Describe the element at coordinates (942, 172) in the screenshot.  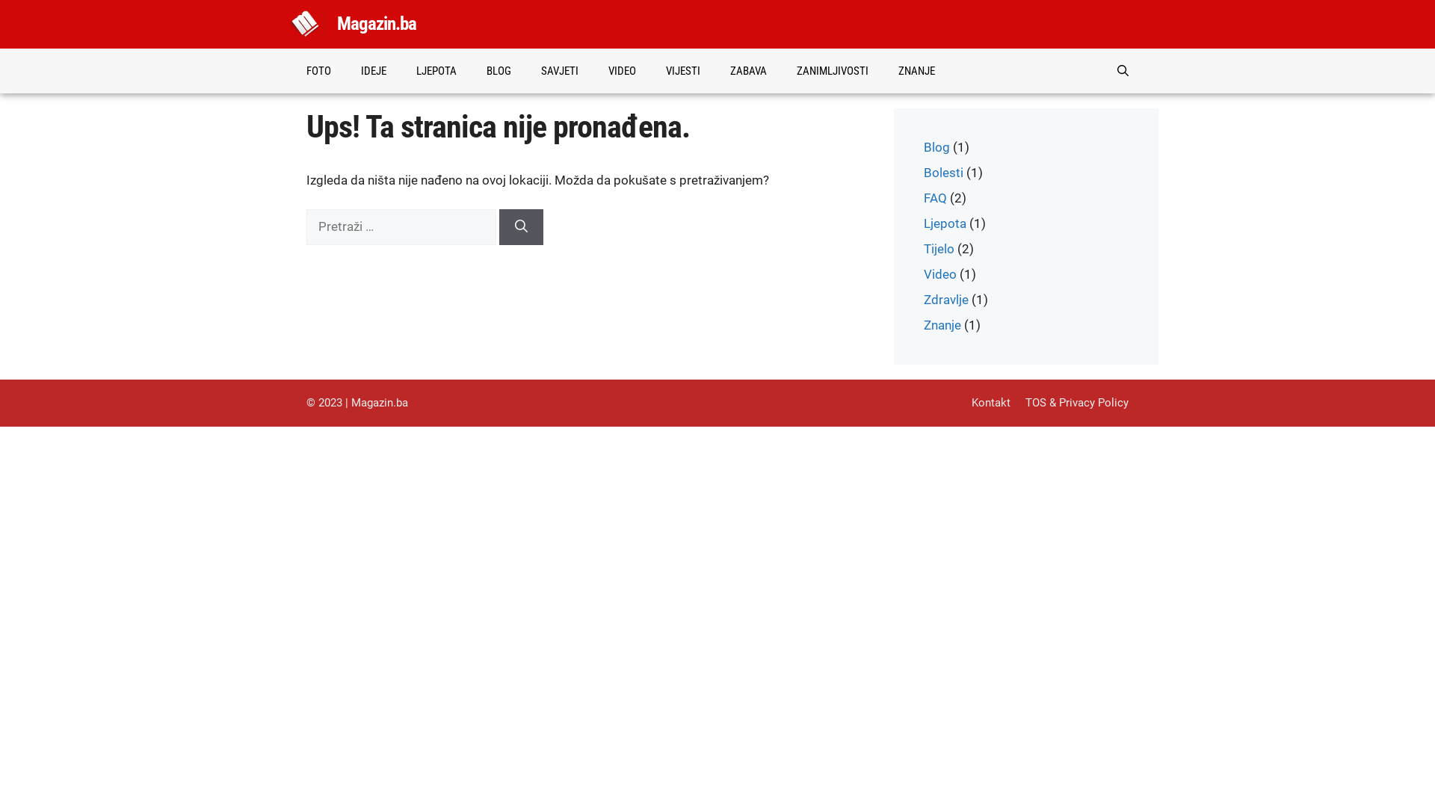
I see `'Bolesti'` at that location.